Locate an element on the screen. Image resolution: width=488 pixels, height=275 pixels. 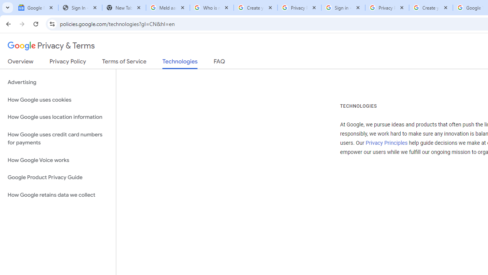
'Advertising' is located at coordinates (58, 82).